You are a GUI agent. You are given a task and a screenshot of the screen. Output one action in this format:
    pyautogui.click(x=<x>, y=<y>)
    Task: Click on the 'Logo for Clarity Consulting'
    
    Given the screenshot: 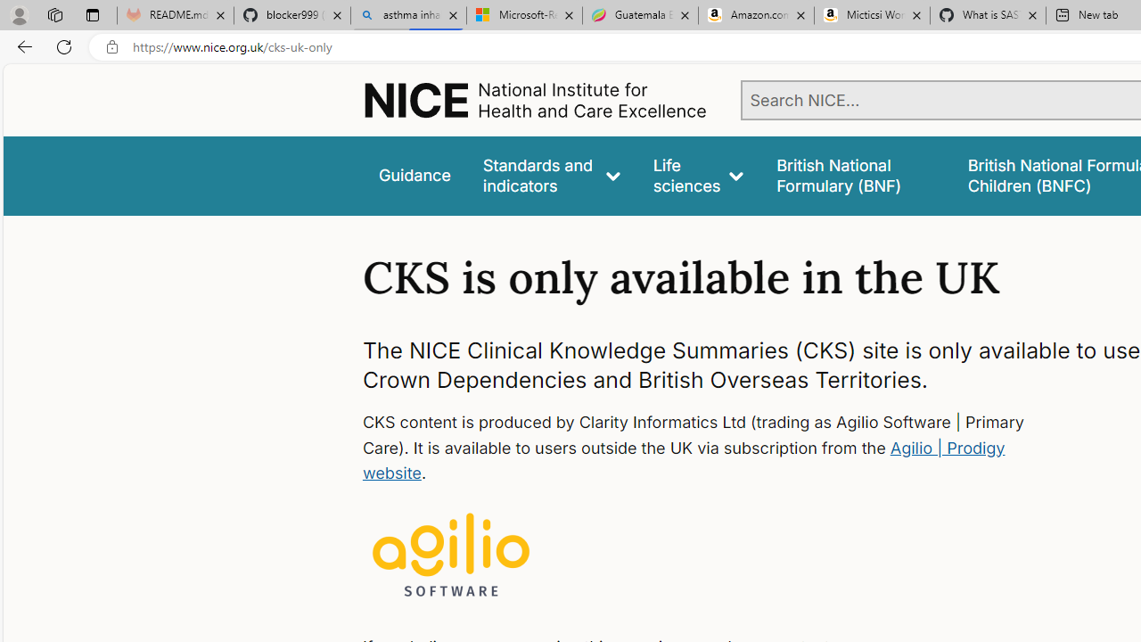 What is the action you would take?
    pyautogui.click(x=451, y=556)
    